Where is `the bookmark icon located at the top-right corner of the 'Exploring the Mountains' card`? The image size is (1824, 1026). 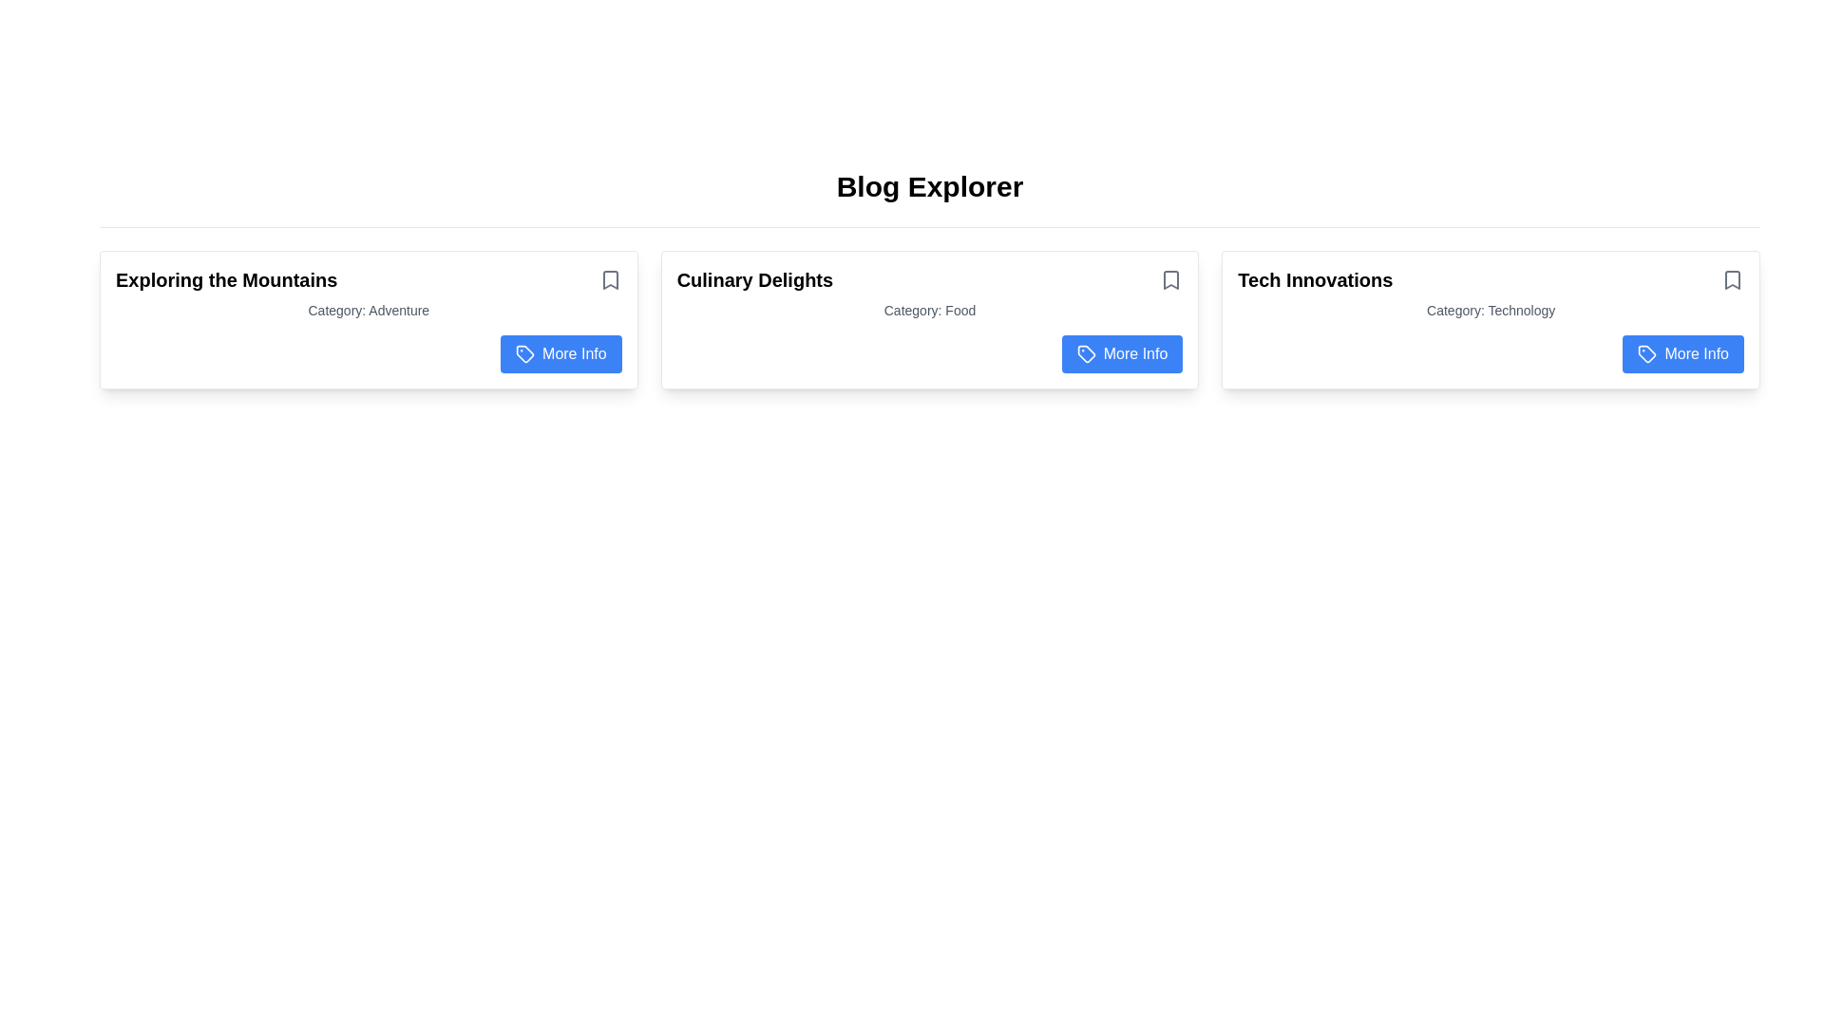 the bookmark icon located at the top-right corner of the 'Exploring the Mountains' card is located at coordinates (610, 279).